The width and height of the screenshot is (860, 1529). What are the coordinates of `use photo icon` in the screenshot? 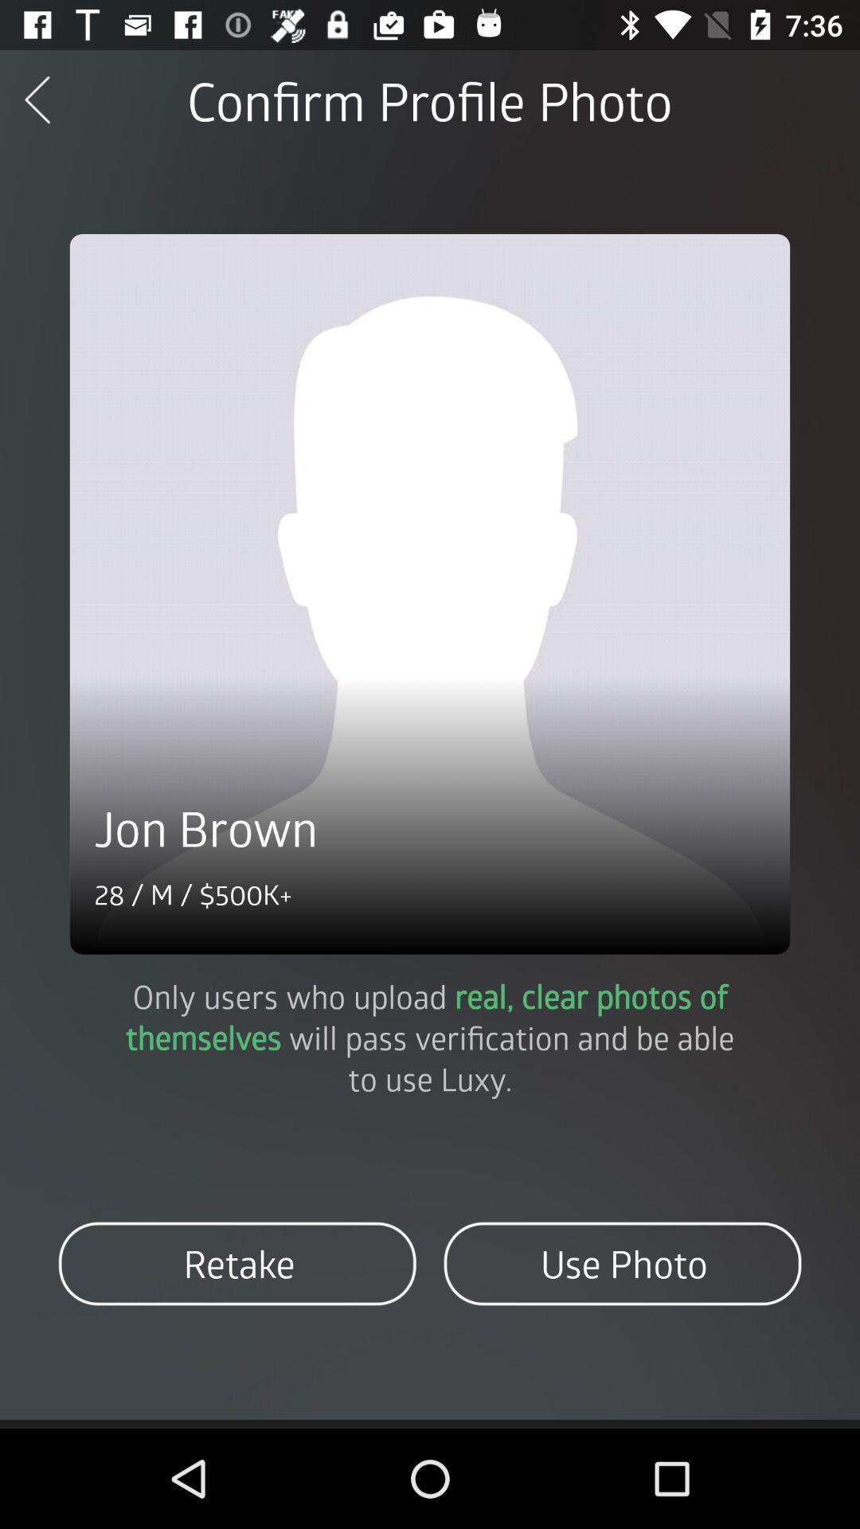 It's located at (621, 1263).